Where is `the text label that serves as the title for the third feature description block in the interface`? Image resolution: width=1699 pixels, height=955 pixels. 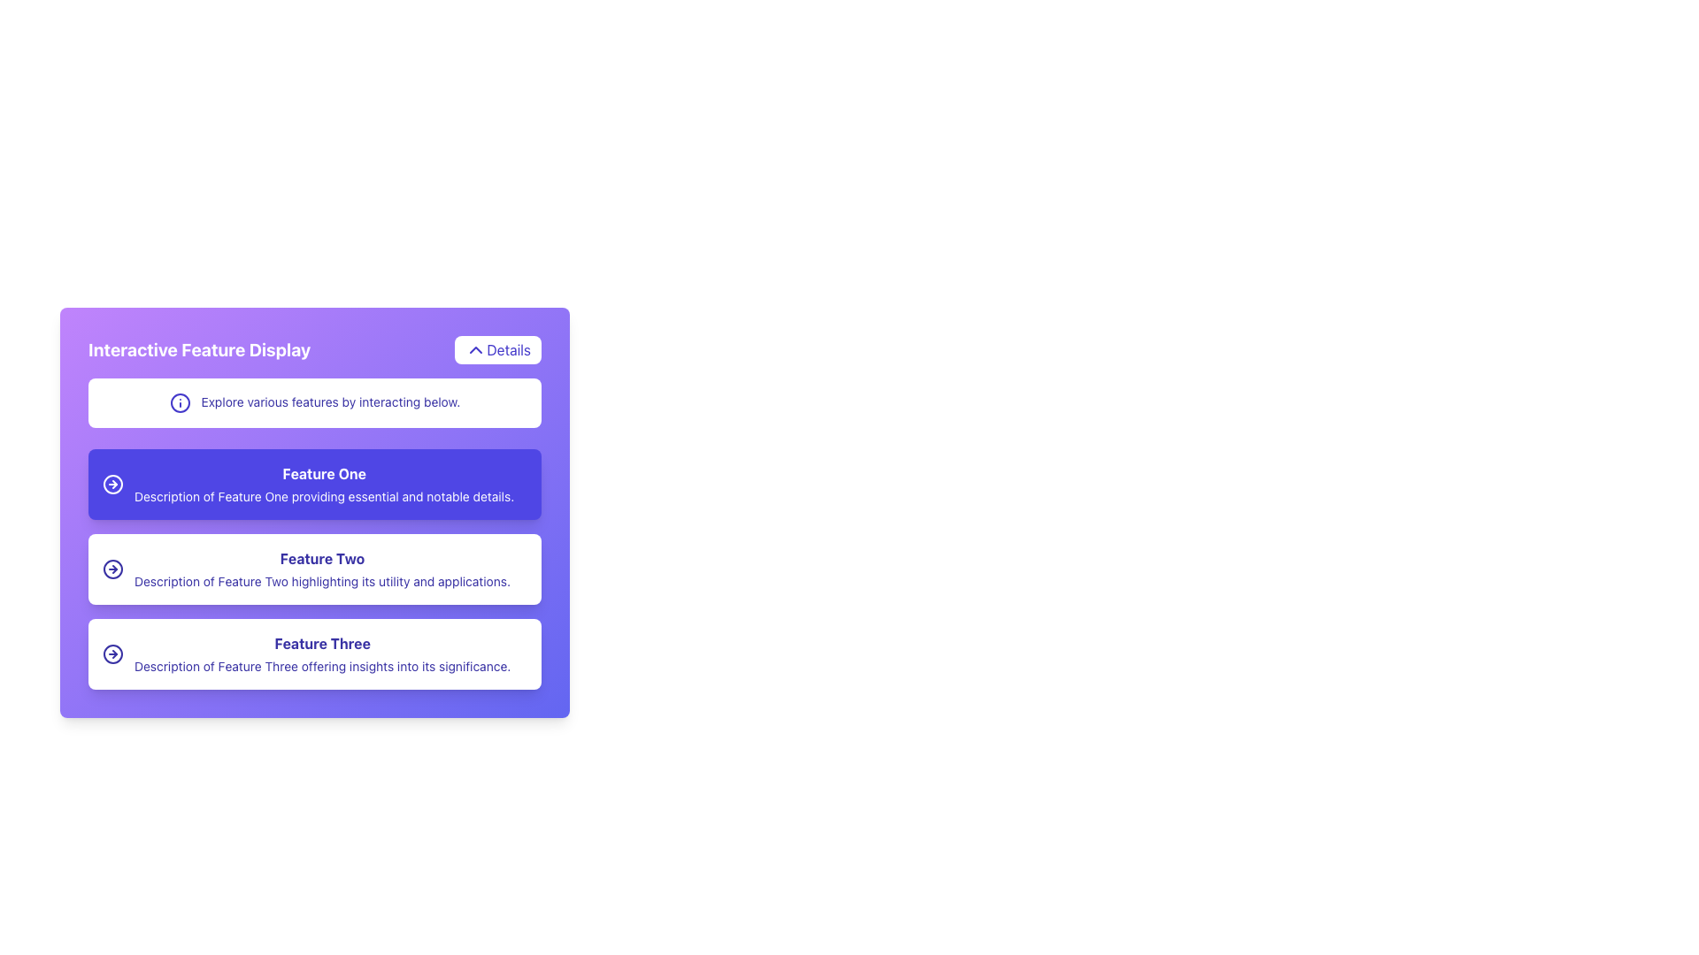
the text label that serves as the title for the third feature description block in the interface is located at coordinates (322, 644).